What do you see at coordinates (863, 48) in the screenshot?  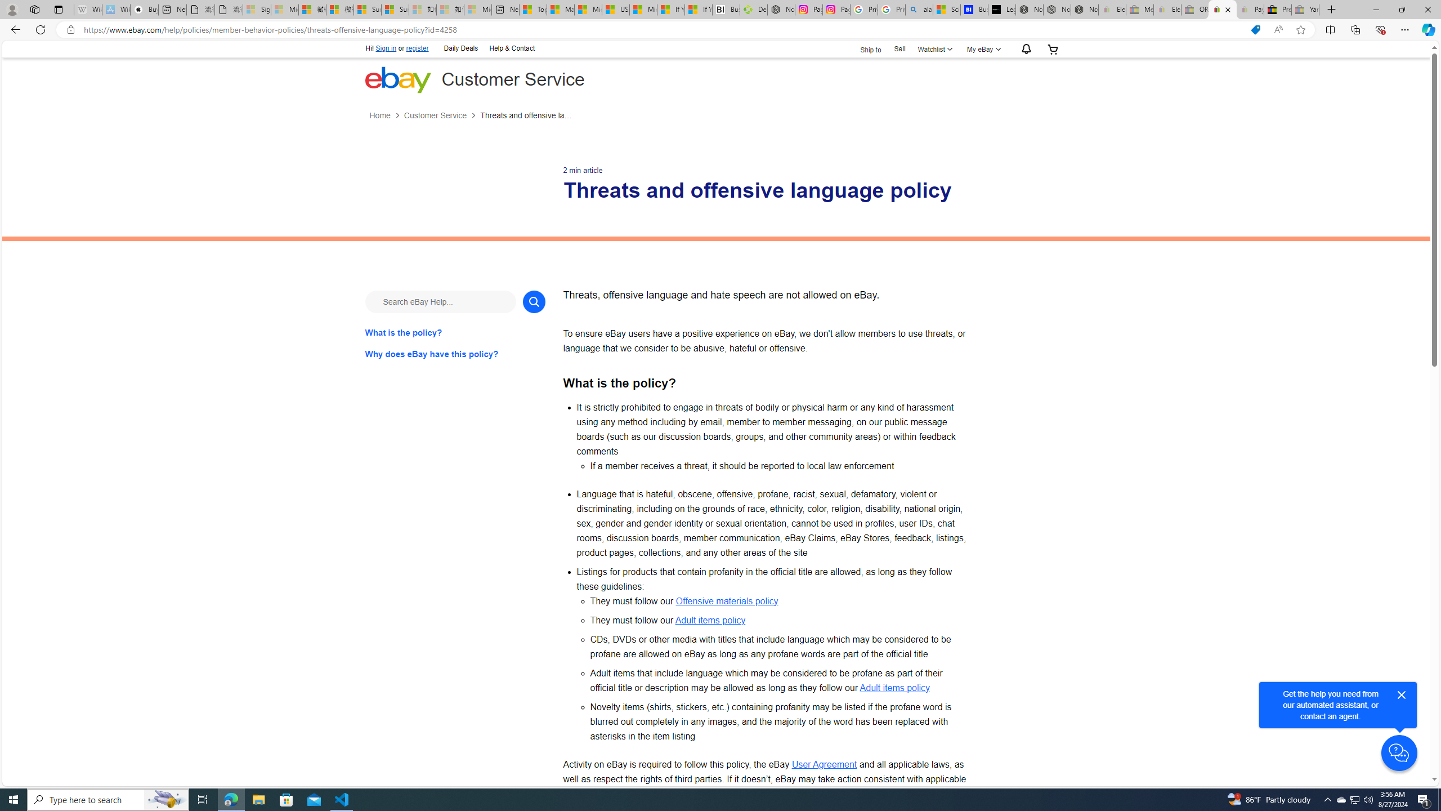 I see `'Ship to'` at bounding box center [863, 48].